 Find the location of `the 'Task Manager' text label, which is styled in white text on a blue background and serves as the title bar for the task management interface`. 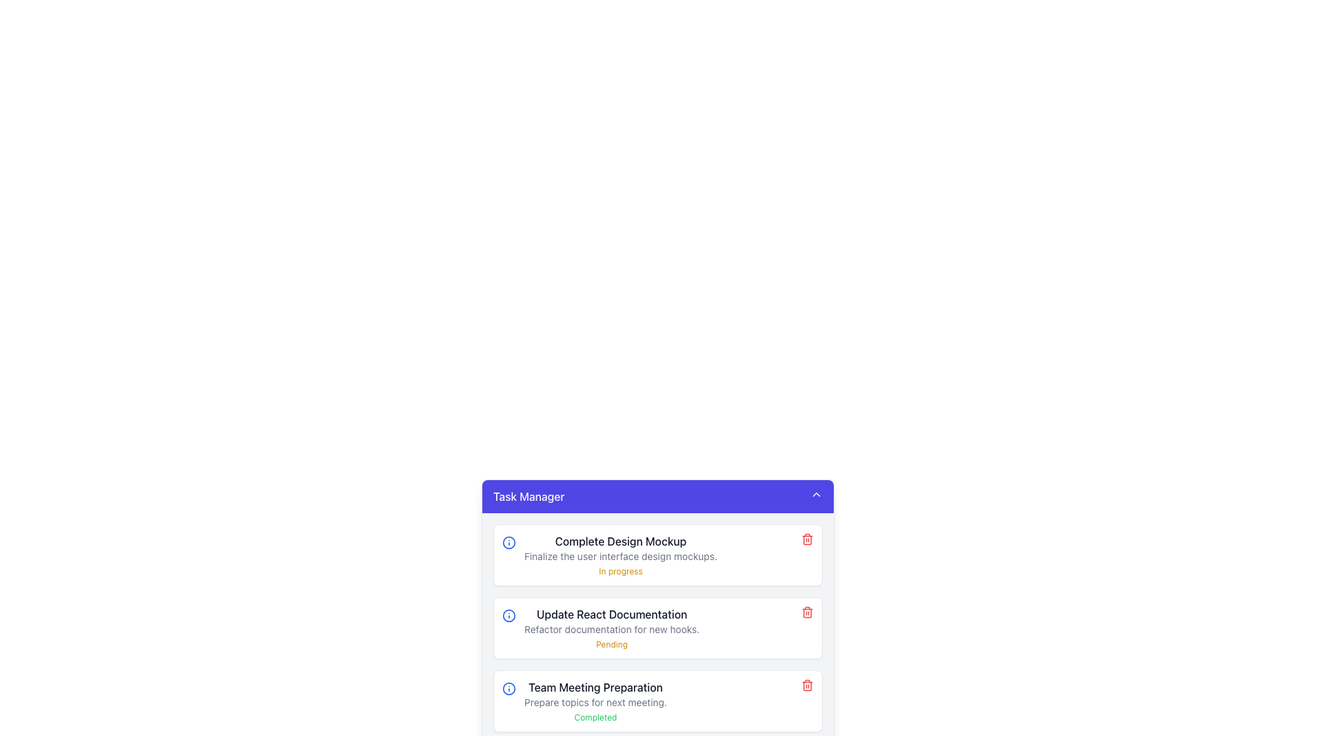

the 'Task Manager' text label, which is styled in white text on a blue background and serves as the title bar for the task management interface is located at coordinates (528, 497).